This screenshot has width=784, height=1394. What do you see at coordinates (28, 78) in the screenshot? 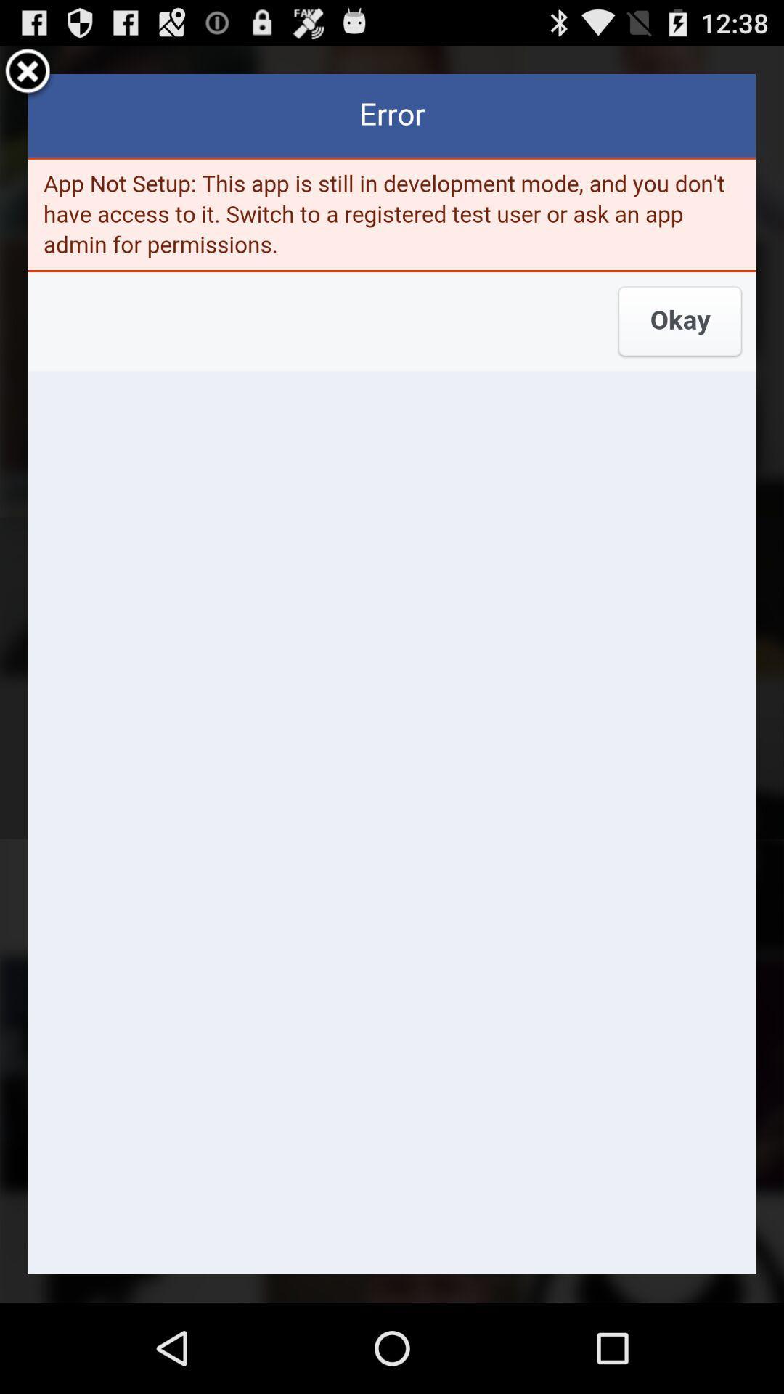
I see `the close icon` at bounding box center [28, 78].